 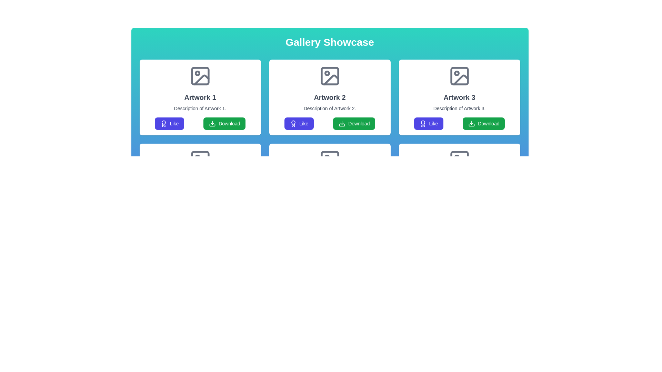 What do you see at coordinates (163, 122) in the screenshot?
I see `the Decorative circular SVG element that is part of the 'Like' button in the first card of the grid, located under the title and description of 'Artwork 1'` at bounding box center [163, 122].